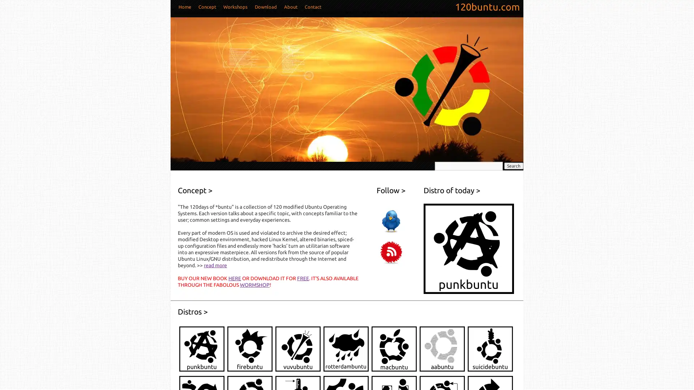 The image size is (694, 390). I want to click on Search, so click(513, 166).